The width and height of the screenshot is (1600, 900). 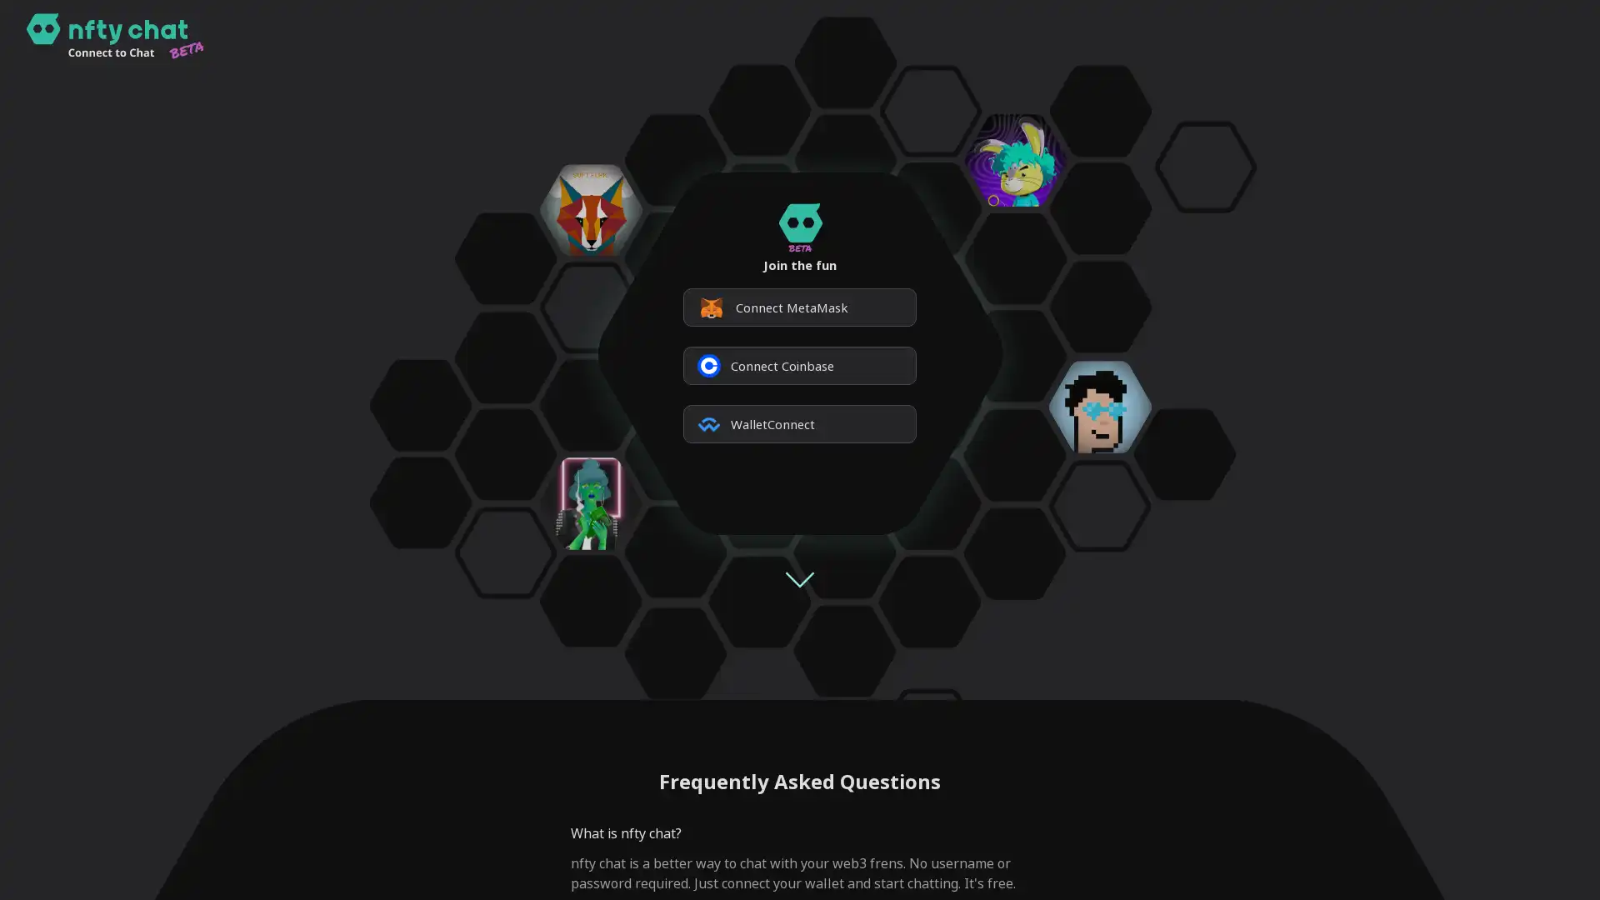 What do you see at coordinates (800, 307) in the screenshot?
I see `Connect MetaMask` at bounding box center [800, 307].